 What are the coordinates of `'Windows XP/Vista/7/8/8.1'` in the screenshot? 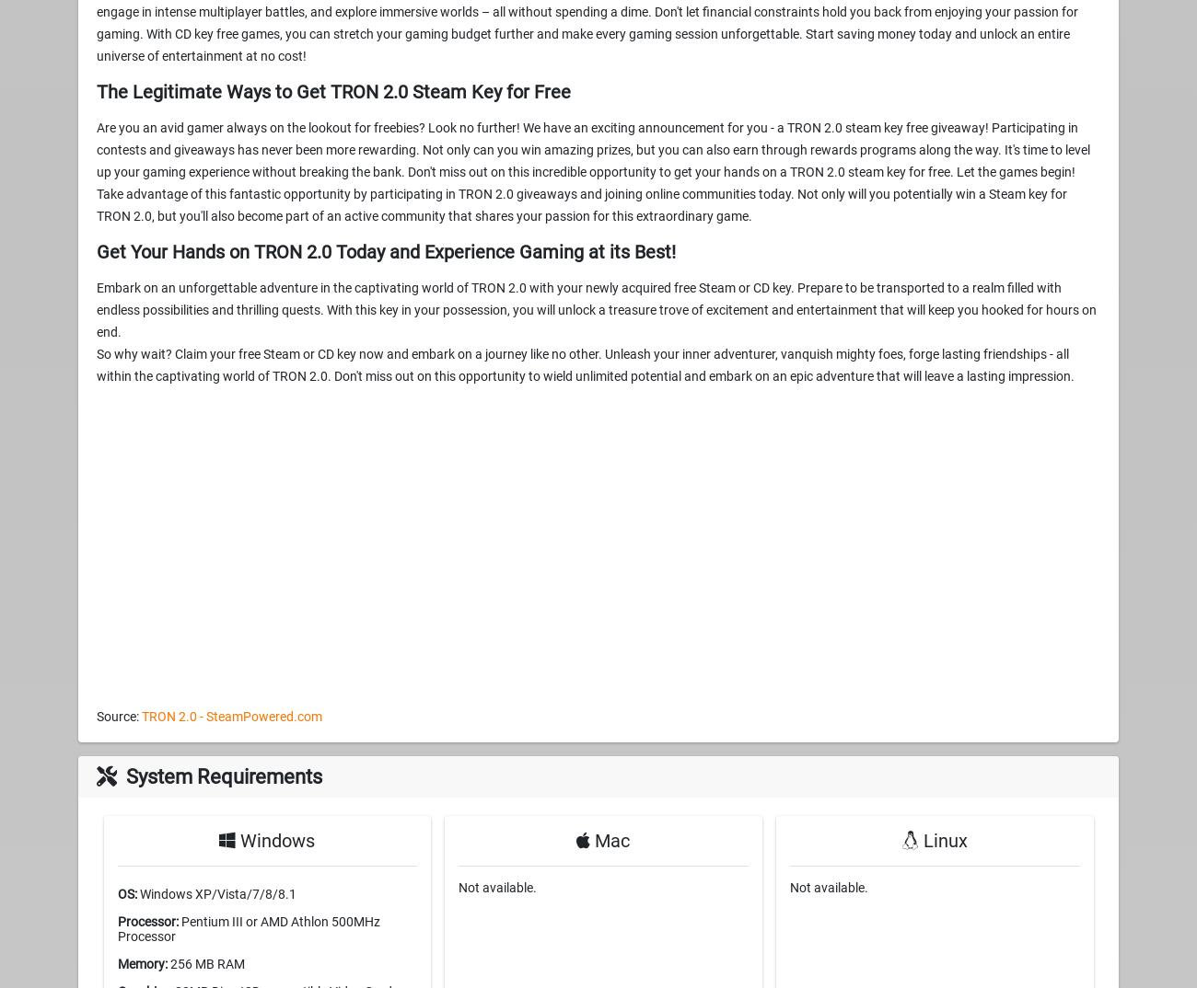 It's located at (215, 892).